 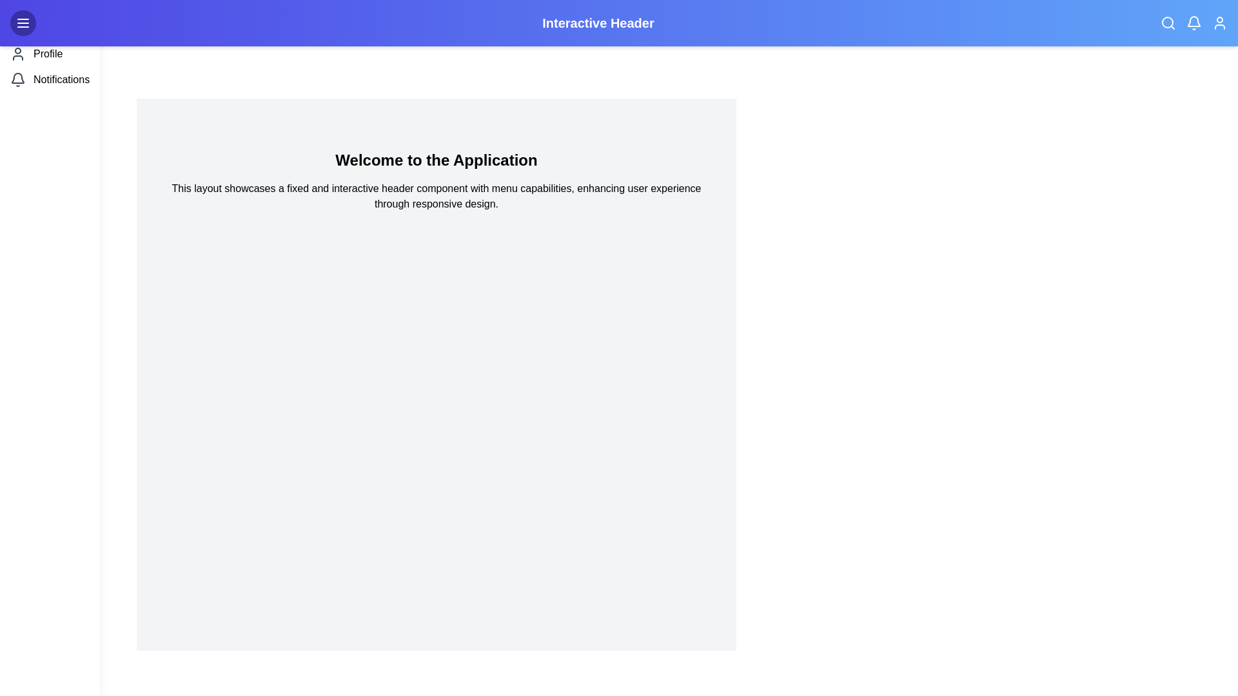 What do you see at coordinates (1194, 23) in the screenshot?
I see `the bell icon in the top-right corner, which serves as a notification indicator for new updates or alerts` at bounding box center [1194, 23].